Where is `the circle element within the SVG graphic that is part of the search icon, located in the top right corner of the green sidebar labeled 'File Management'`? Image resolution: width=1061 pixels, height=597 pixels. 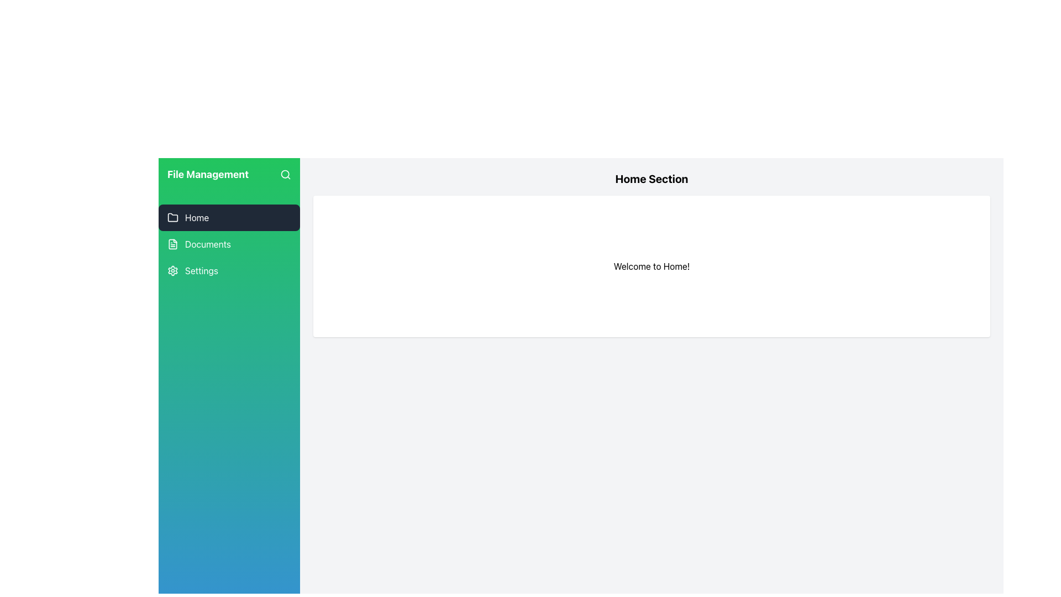 the circle element within the SVG graphic that is part of the search icon, located in the top right corner of the green sidebar labeled 'File Management' is located at coordinates (285, 174).